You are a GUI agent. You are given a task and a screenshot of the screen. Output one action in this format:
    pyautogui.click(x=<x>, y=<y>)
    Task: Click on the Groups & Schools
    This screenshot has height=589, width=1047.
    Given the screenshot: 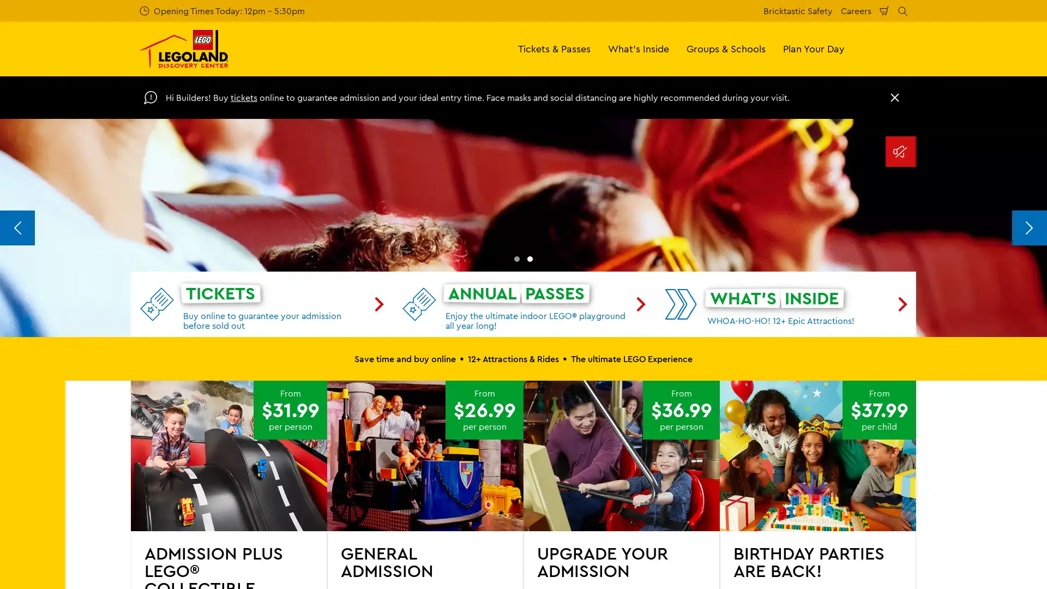 What is the action you would take?
    pyautogui.click(x=726, y=48)
    